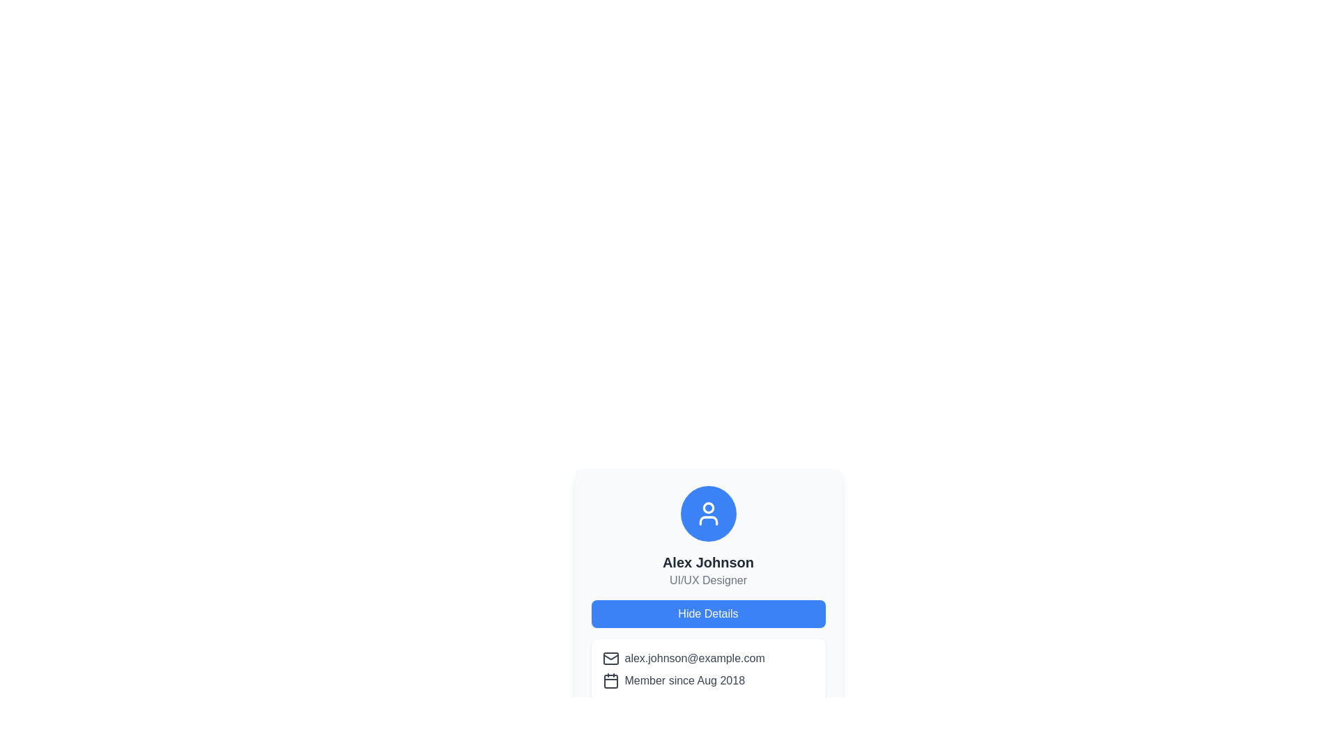 This screenshot has width=1338, height=752. Describe the element at coordinates (610, 658) in the screenshot. I see `the mail envelope shaped icon located to the left of the text 'alex.johnson@example.com' within the profile information card below the 'Hide Details' button` at that location.